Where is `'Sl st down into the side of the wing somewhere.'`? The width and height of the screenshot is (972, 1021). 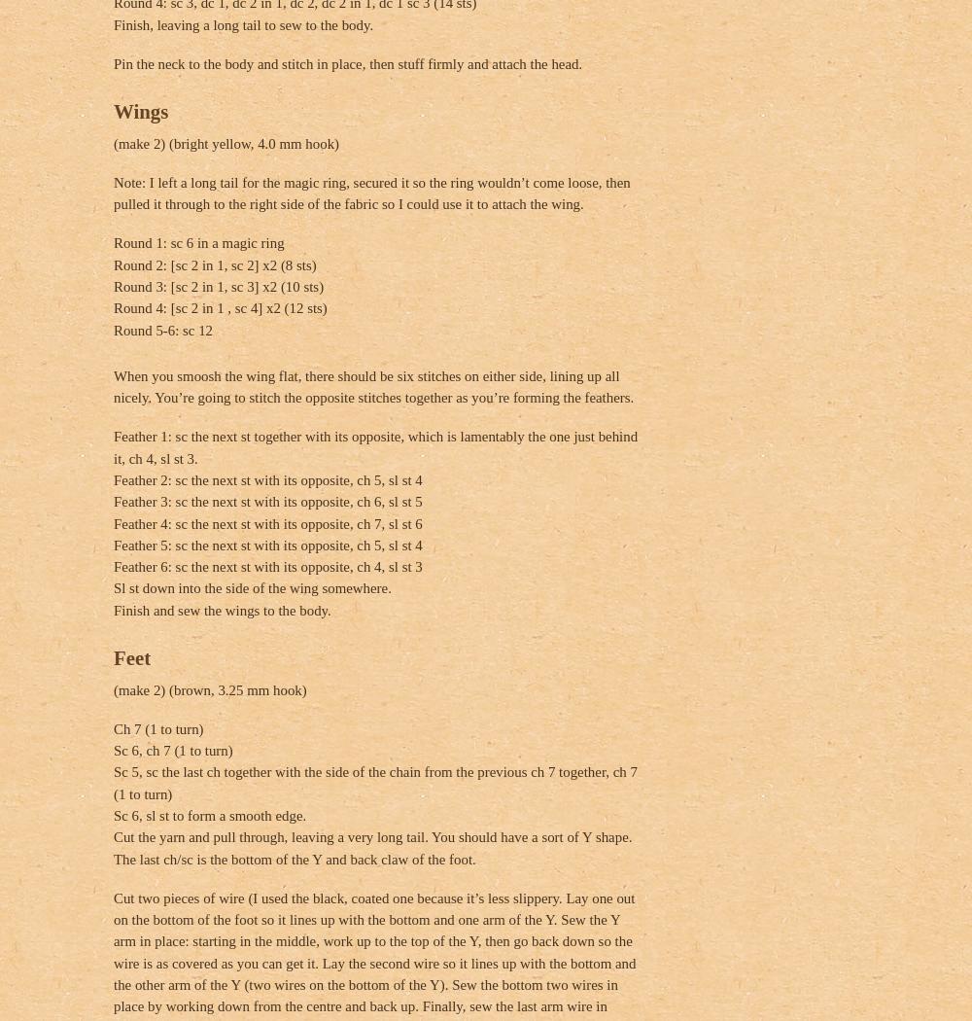
'Sl st down into the side of the wing somewhere.' is located at coordinates (252, 588).